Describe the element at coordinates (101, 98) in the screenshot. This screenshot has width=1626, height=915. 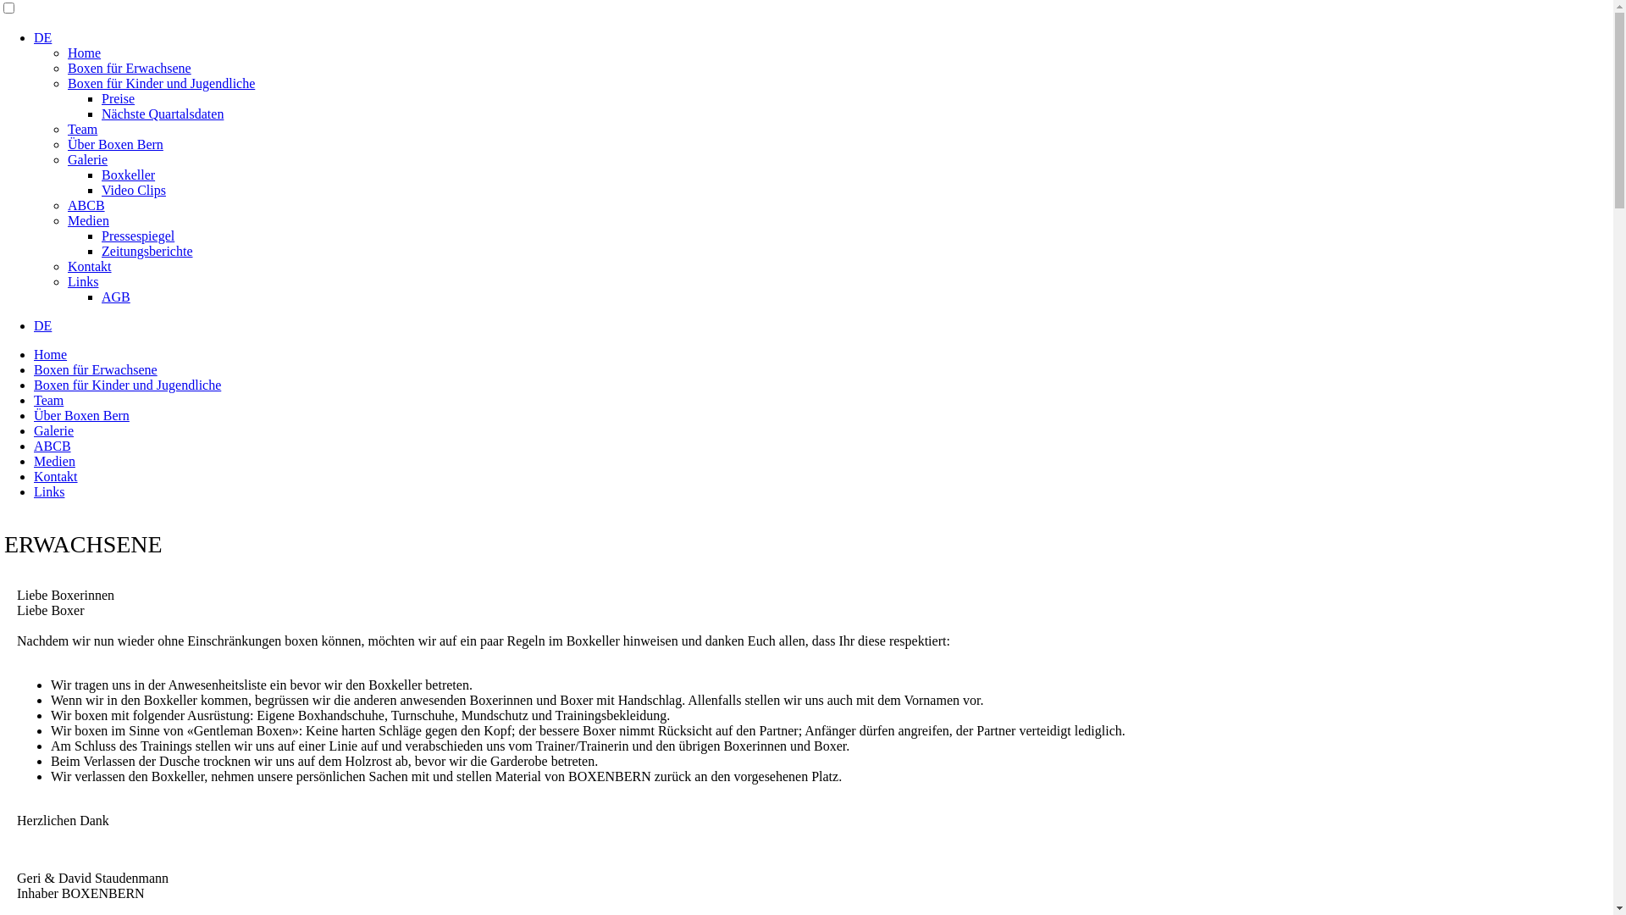
I see `'Preise'` at that location.